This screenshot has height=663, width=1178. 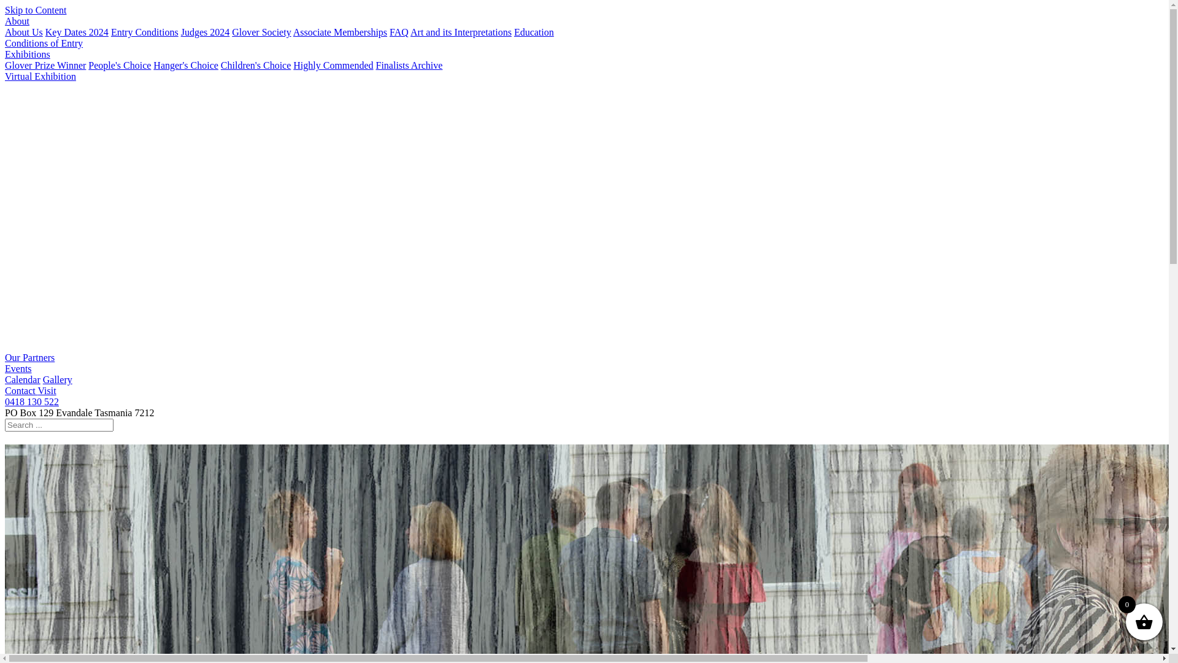 I want to click on 'People's Choice', so click(x=120, y=65).